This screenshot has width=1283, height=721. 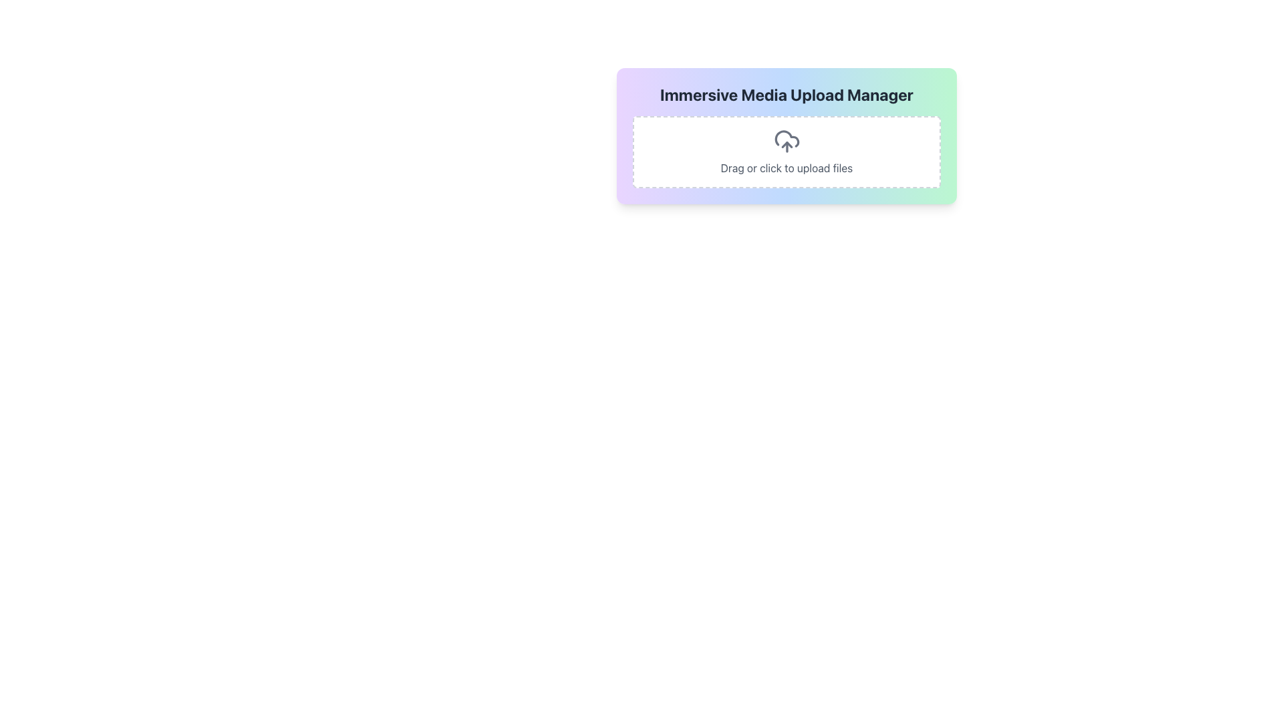 I want to click on the static text label that reads 'Drag or click to upload files', which is styled in gray and located centrally within the bordered area for file uploading, so click(x=787, y=167).